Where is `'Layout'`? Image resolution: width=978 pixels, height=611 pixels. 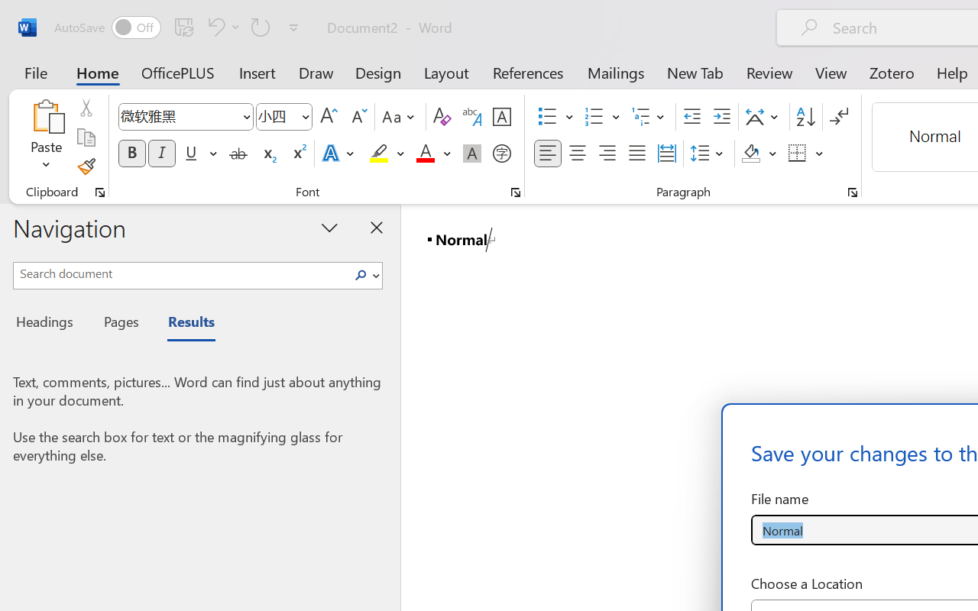 'Layout' is located at coordinates (445, 72).